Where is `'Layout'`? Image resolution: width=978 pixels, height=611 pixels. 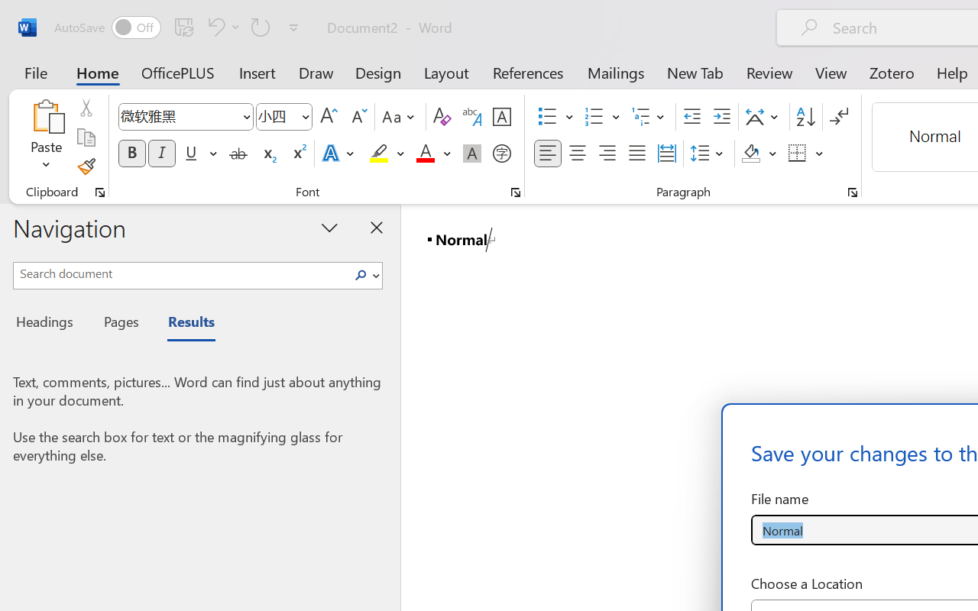 'Layout' is located at coordinates (445, 72).